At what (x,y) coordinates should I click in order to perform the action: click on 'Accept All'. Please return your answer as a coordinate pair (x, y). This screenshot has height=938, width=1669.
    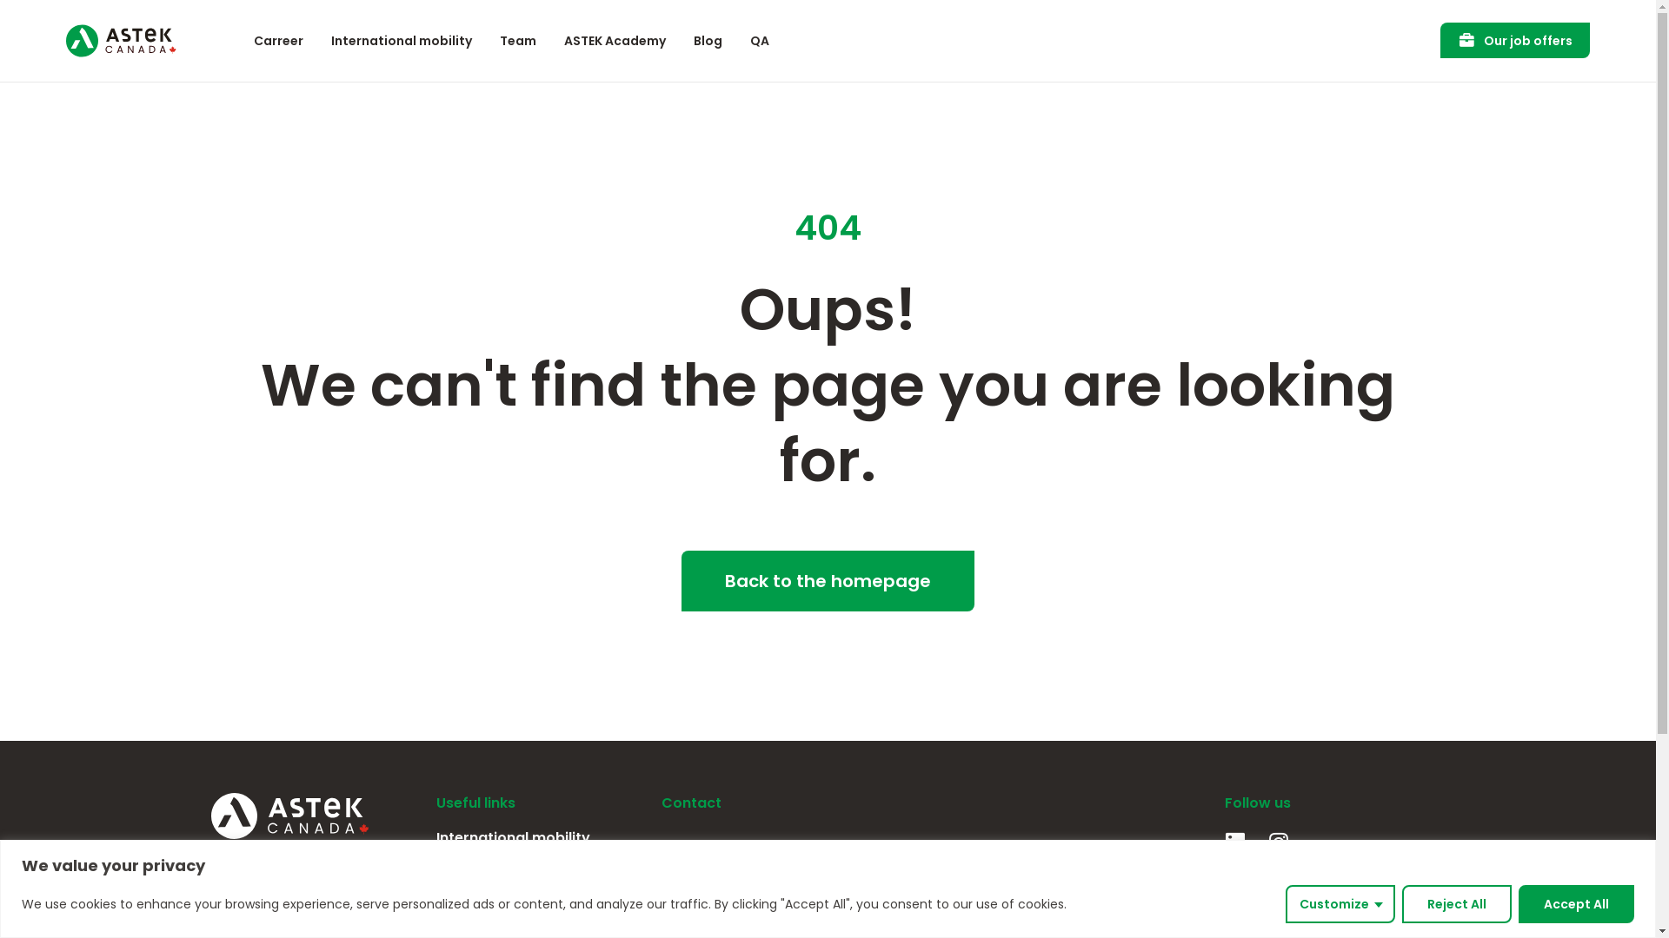
    Looking at the image, I should click on (1576, 902).